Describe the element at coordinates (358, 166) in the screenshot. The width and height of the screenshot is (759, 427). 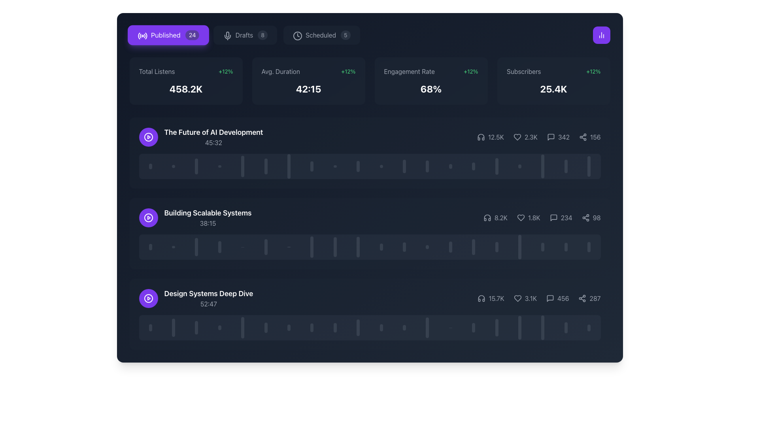
I see `the 10th vertical bar indicator in the 'The Future of AI Development' section, which serves as a visual cue in a metrics interface` at that location.